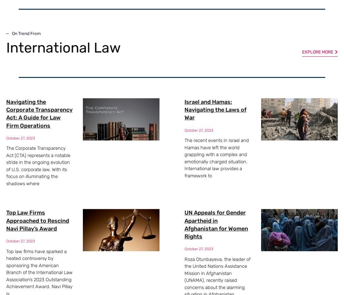 The image size is (344, 295). Describe the element at coordinates (317, 52) in the screenshot. I see `'Explore more'` at that location.